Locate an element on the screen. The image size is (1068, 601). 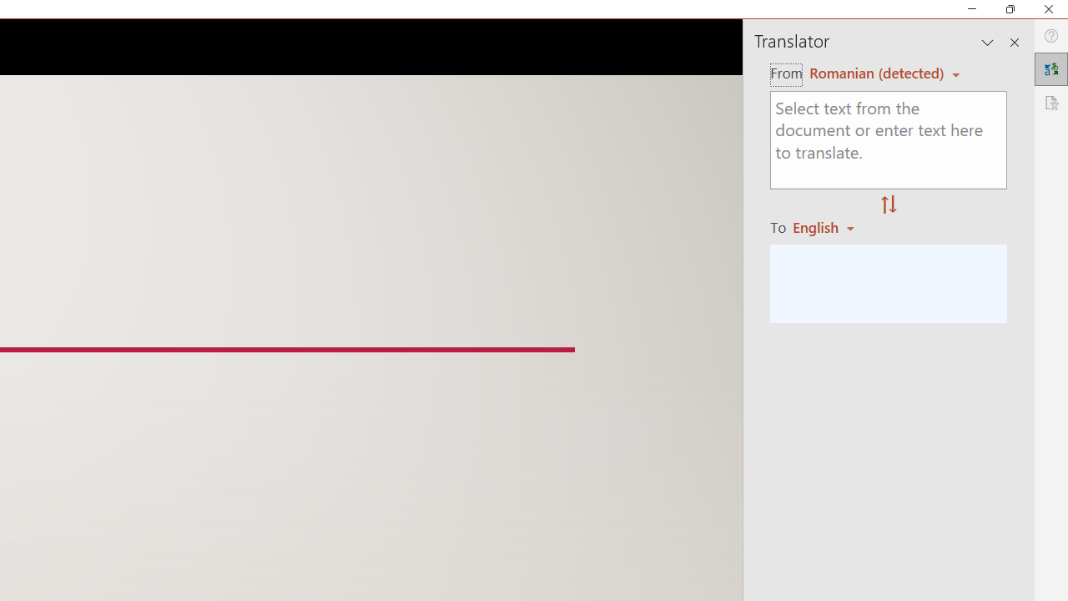
'Czech (detected)' is located at coordinates (873, 72).